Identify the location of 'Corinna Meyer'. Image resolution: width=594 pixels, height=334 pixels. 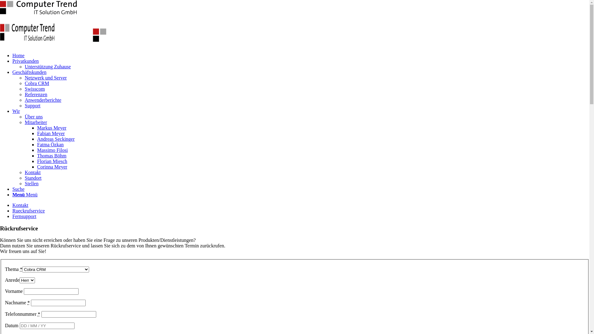
(52, 166).